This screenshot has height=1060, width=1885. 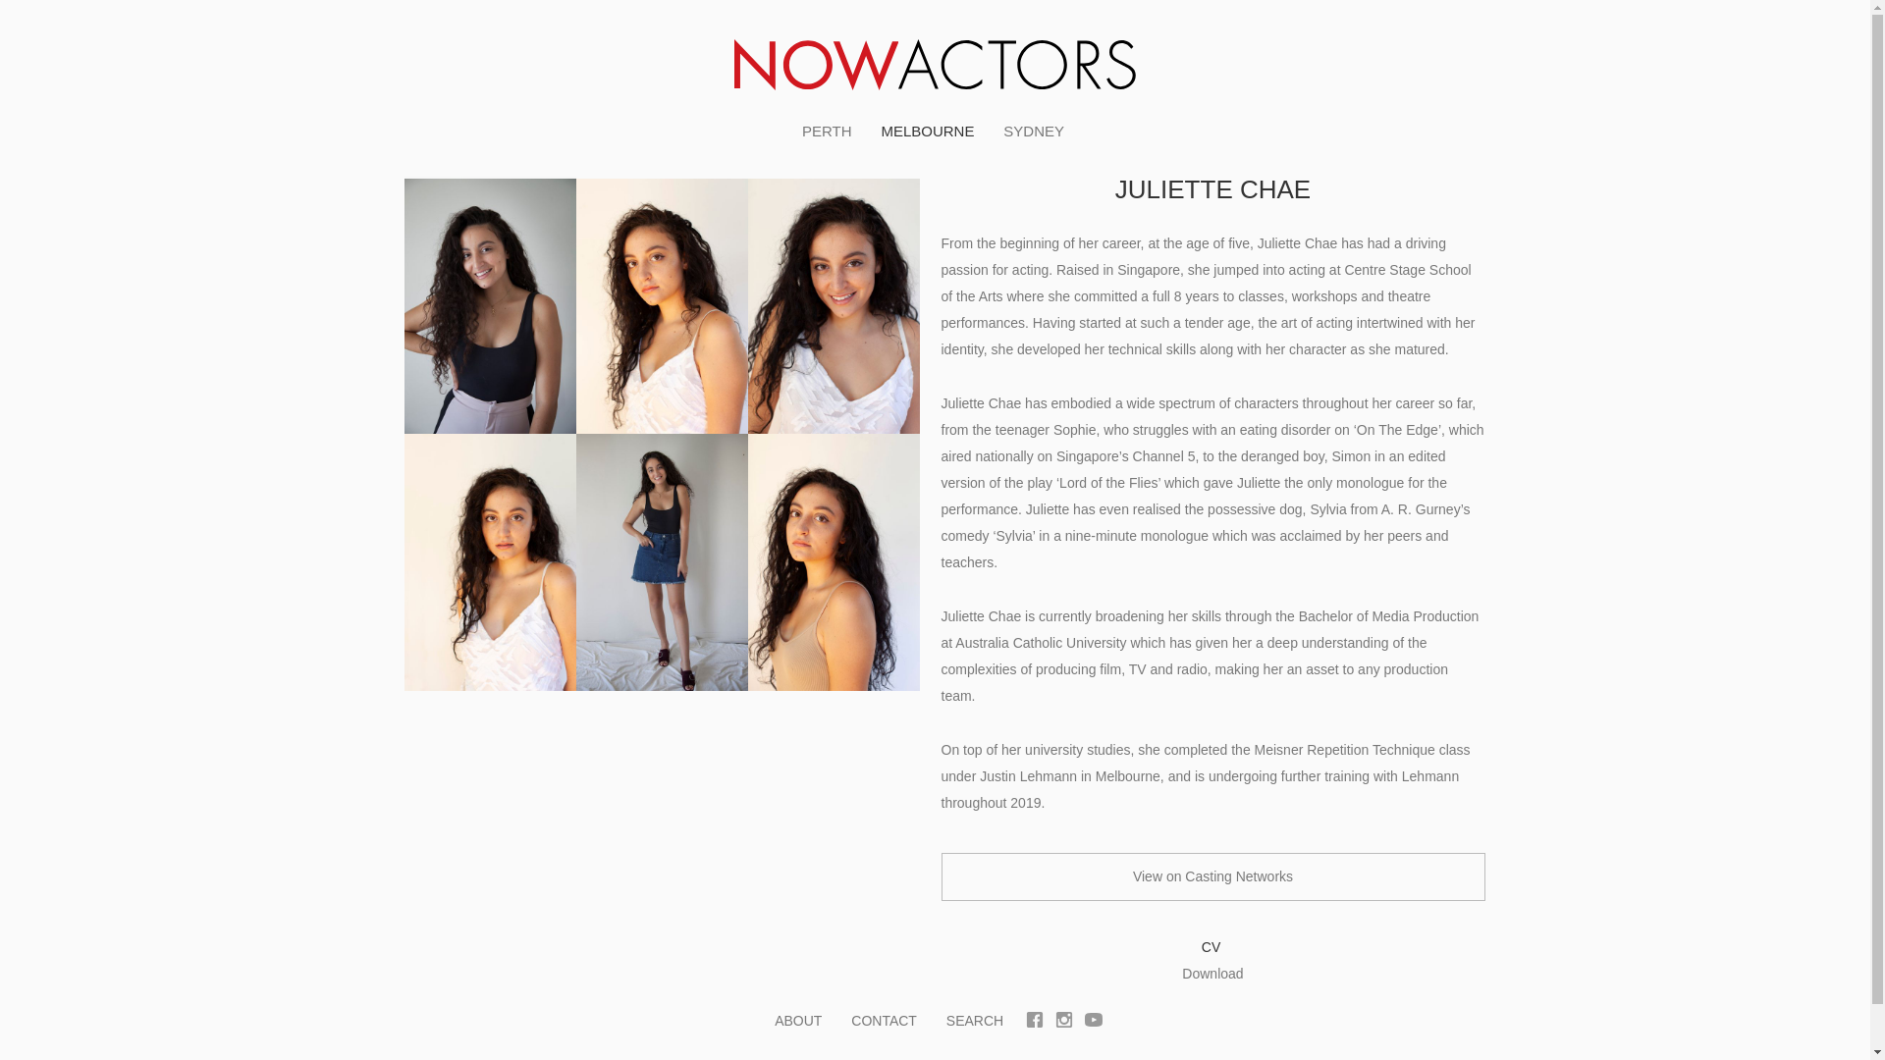 What do you see at coordinates (926, 131) in the screenshot?
I see `'MELBOURNE'` at bounding box center [926, 131].